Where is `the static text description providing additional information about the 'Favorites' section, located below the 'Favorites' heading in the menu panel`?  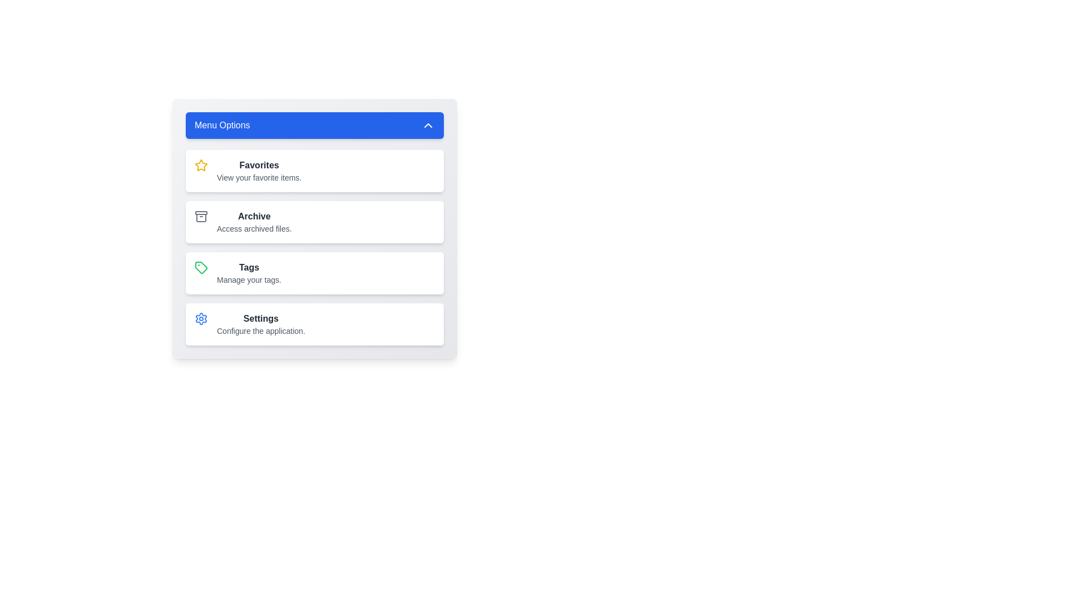
the static text description providing additional information about the 'Favorites' section, located below the 'Favorites' heading in the menu panel is located at coordinates (259, 177).